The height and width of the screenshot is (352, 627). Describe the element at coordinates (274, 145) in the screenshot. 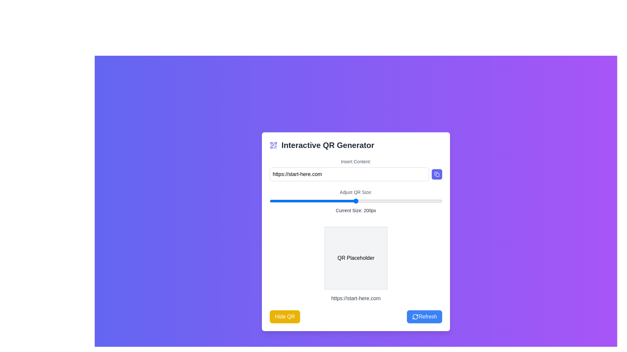

I see `the decorative or functional QR code icon located to the left of the 'Interactive QR Generator' text in the modal interface` at that location.